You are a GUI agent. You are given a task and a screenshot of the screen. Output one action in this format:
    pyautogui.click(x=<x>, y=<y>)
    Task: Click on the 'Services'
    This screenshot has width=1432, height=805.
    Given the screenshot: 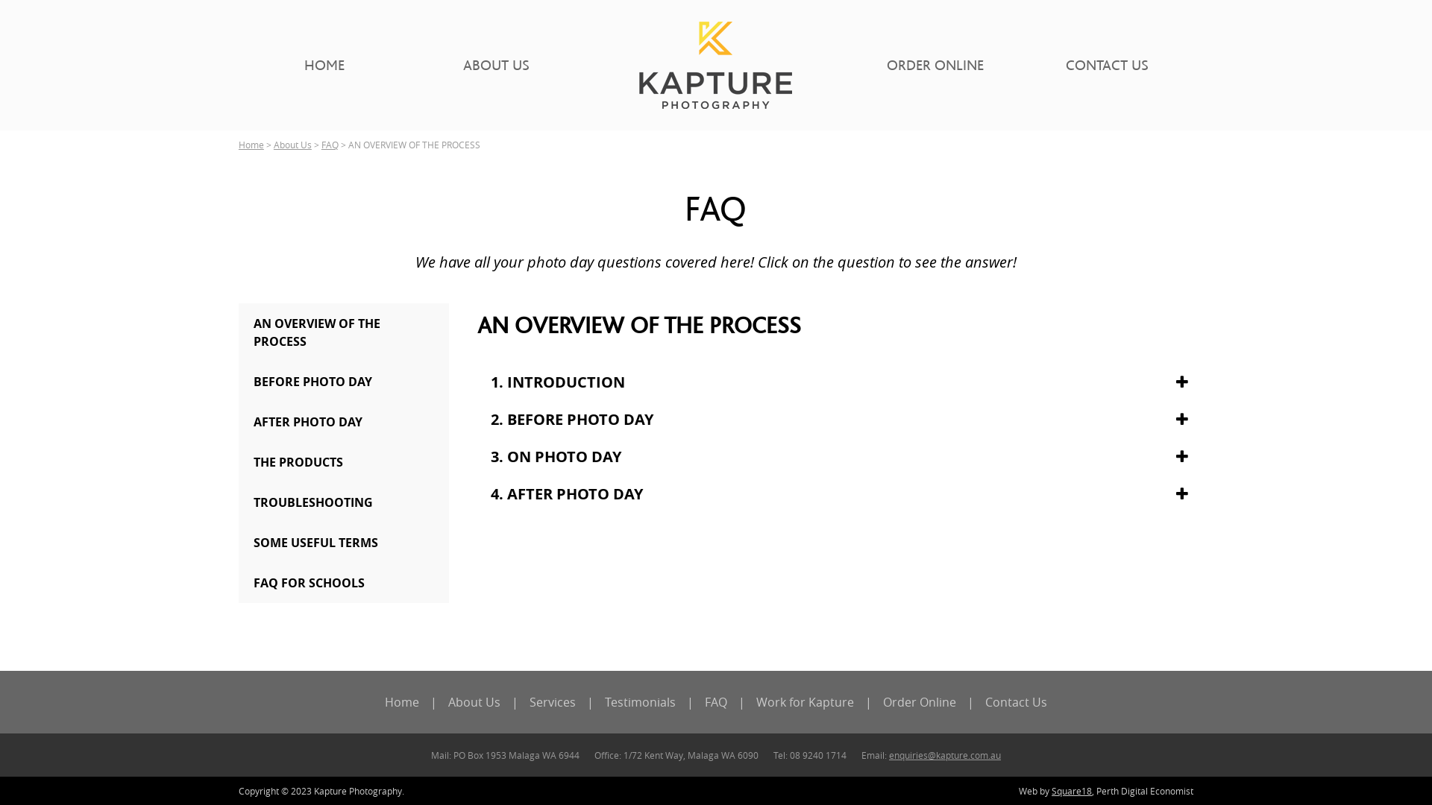 What is the action you would take?
    pyautogui.click(x=551, y=701)
    